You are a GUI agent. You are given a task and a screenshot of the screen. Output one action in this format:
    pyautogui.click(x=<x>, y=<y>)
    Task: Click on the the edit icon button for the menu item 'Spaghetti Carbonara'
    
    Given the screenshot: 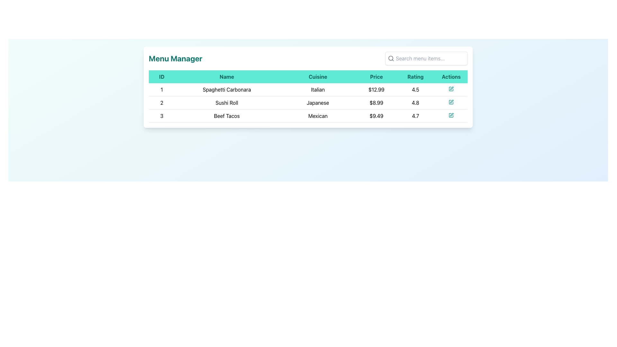 What is the action you would take?
    pyautogui.click(x=451, y=90)
    